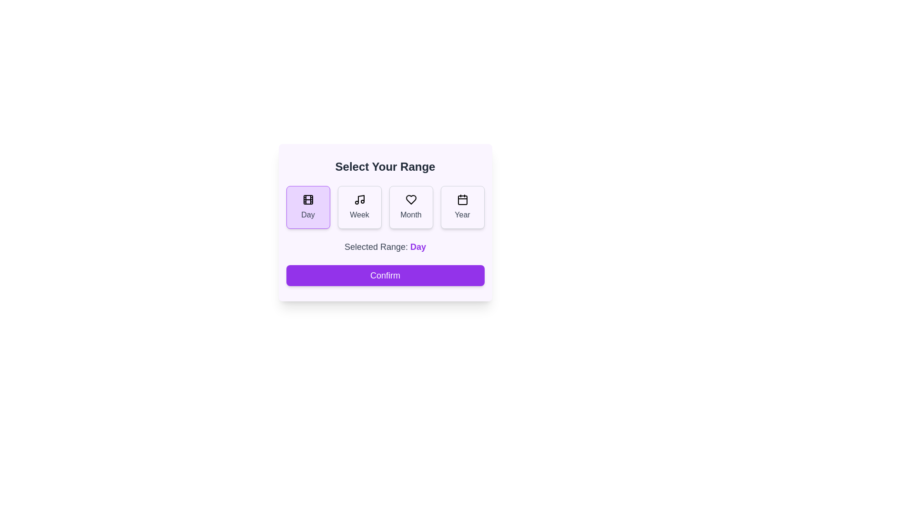  Describe the element at coordinates (462, 207) in the screenshot. I see `the 'Year' button, which is a large rectangular button with a soft purple background, a calendar icon at the top, and the text 'Year' underneath in a bold, dark font, located to the far right of the button group under the heading 'Select Your Range'` at that location.